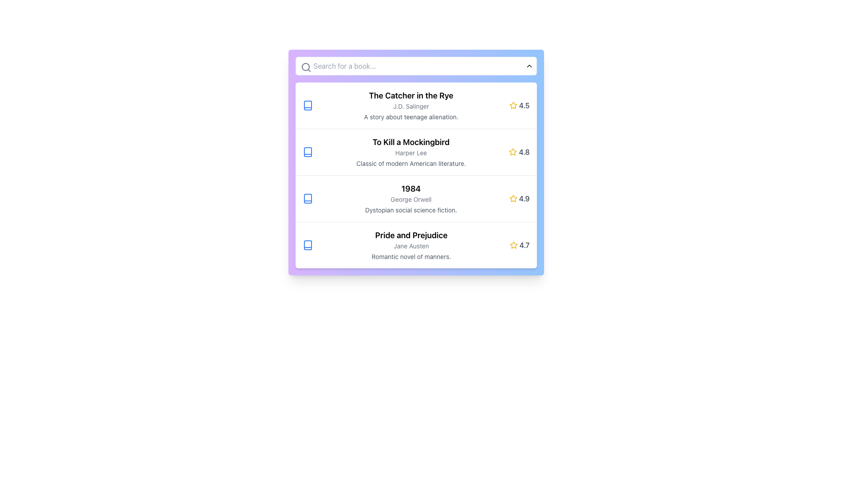  Describe the element at coordinates (410, 245) in the screenshot. I see `displayed text of the Text Display element titled 'Pride and Prejudice', which includes the author 'Jane Austen' and the description 'Romantic novel of manners.'` at that location.